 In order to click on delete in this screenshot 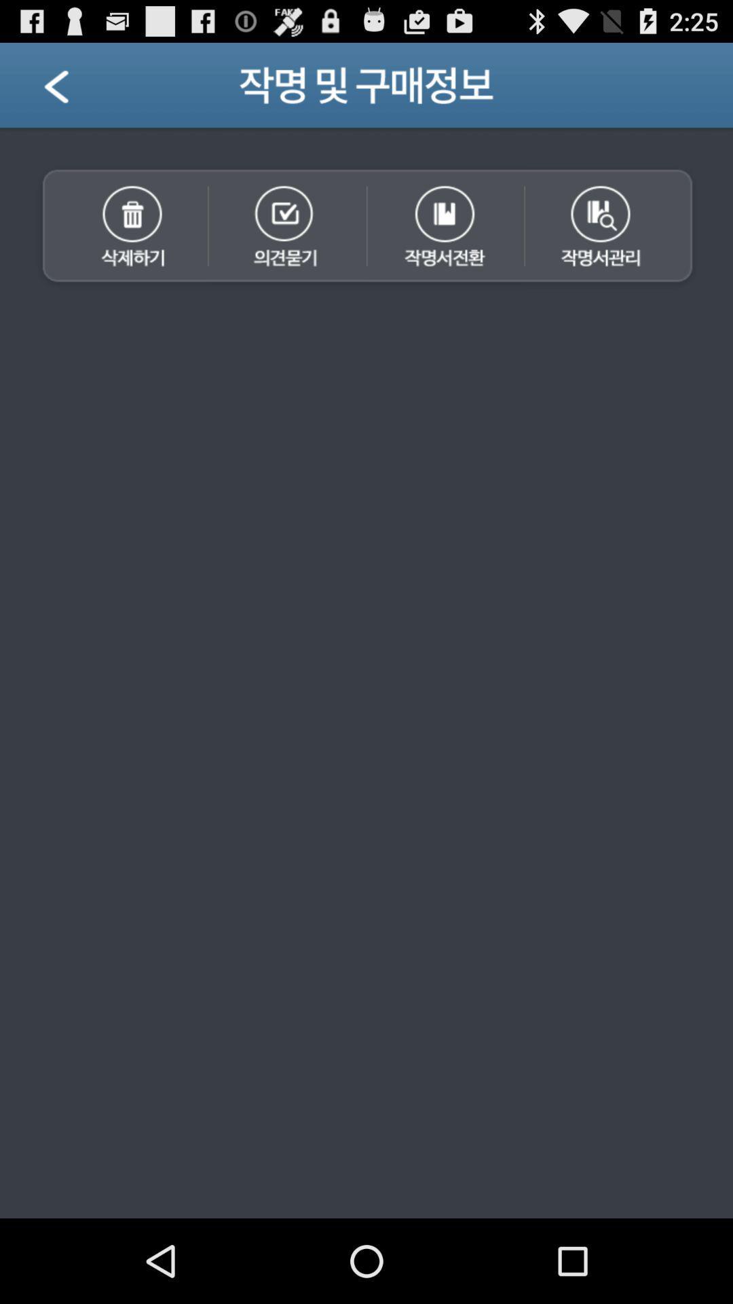, I will do `click(119, 228)`.